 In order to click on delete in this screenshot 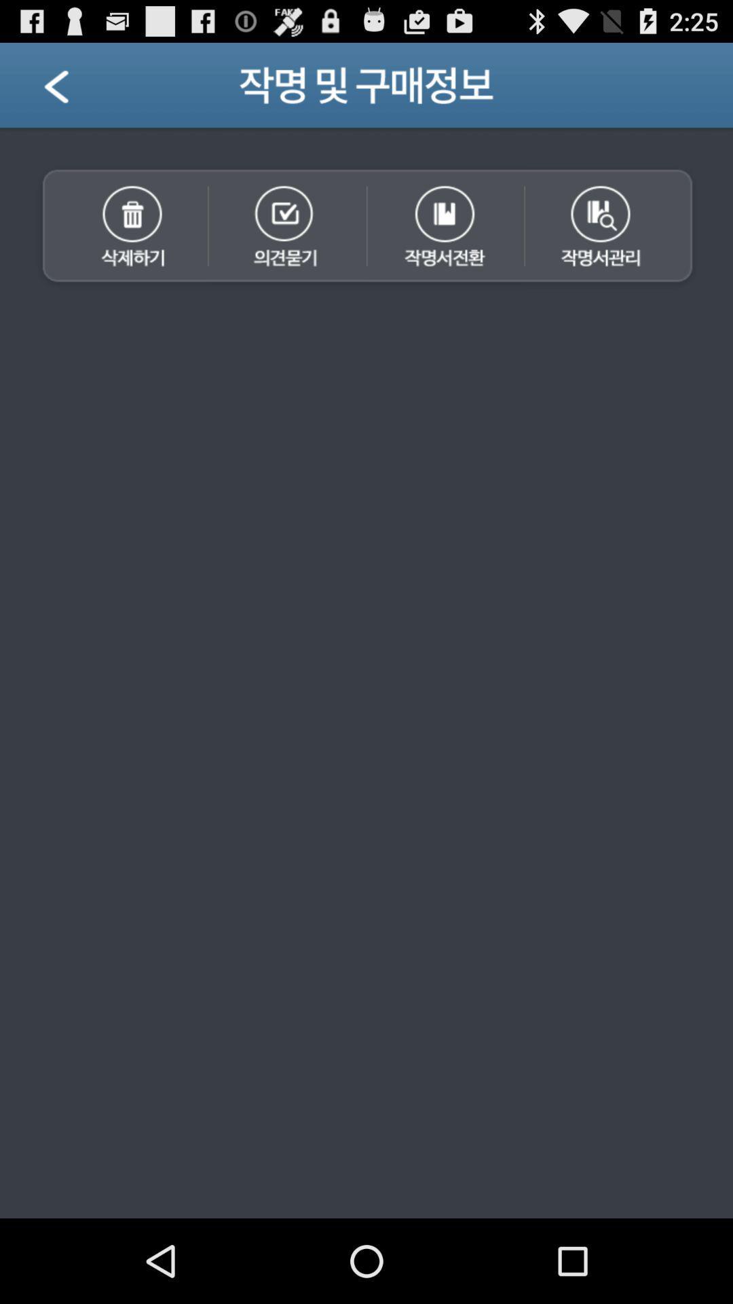, I will do `click(119, 228)`.